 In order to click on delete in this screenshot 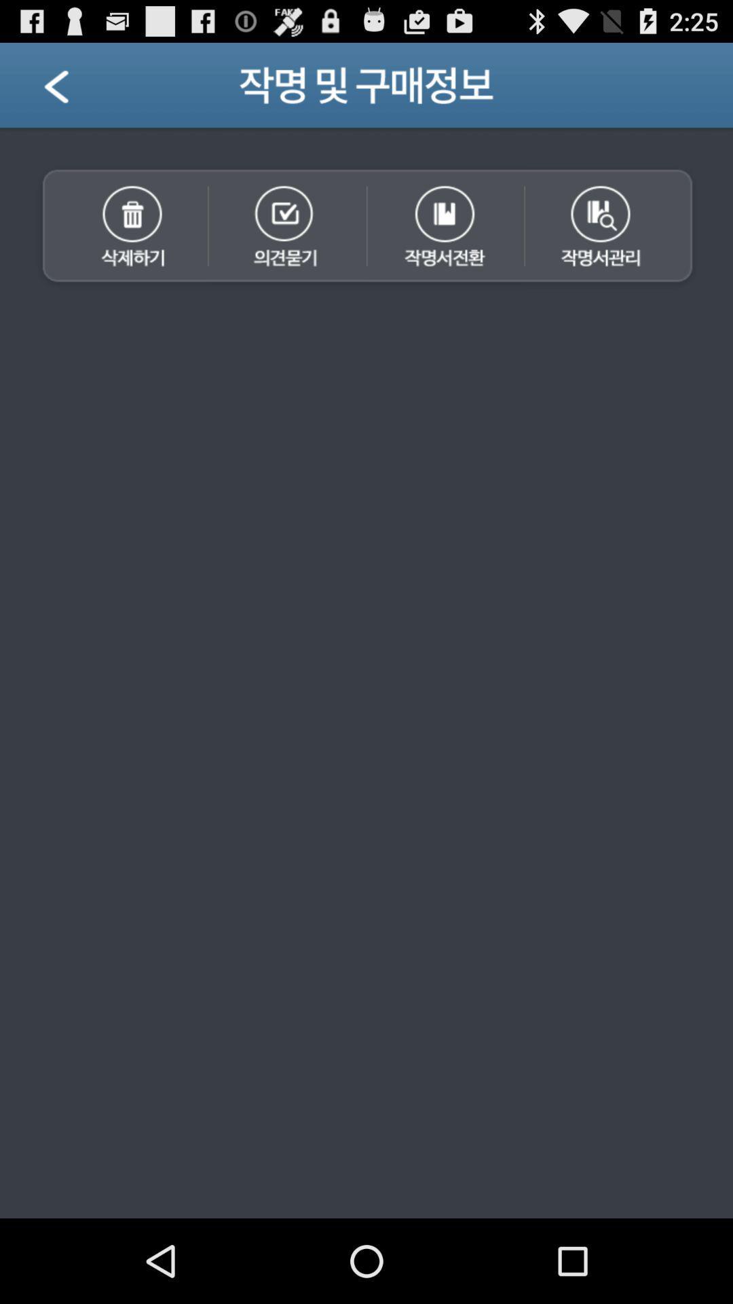, I will do `click(119, 228)`.